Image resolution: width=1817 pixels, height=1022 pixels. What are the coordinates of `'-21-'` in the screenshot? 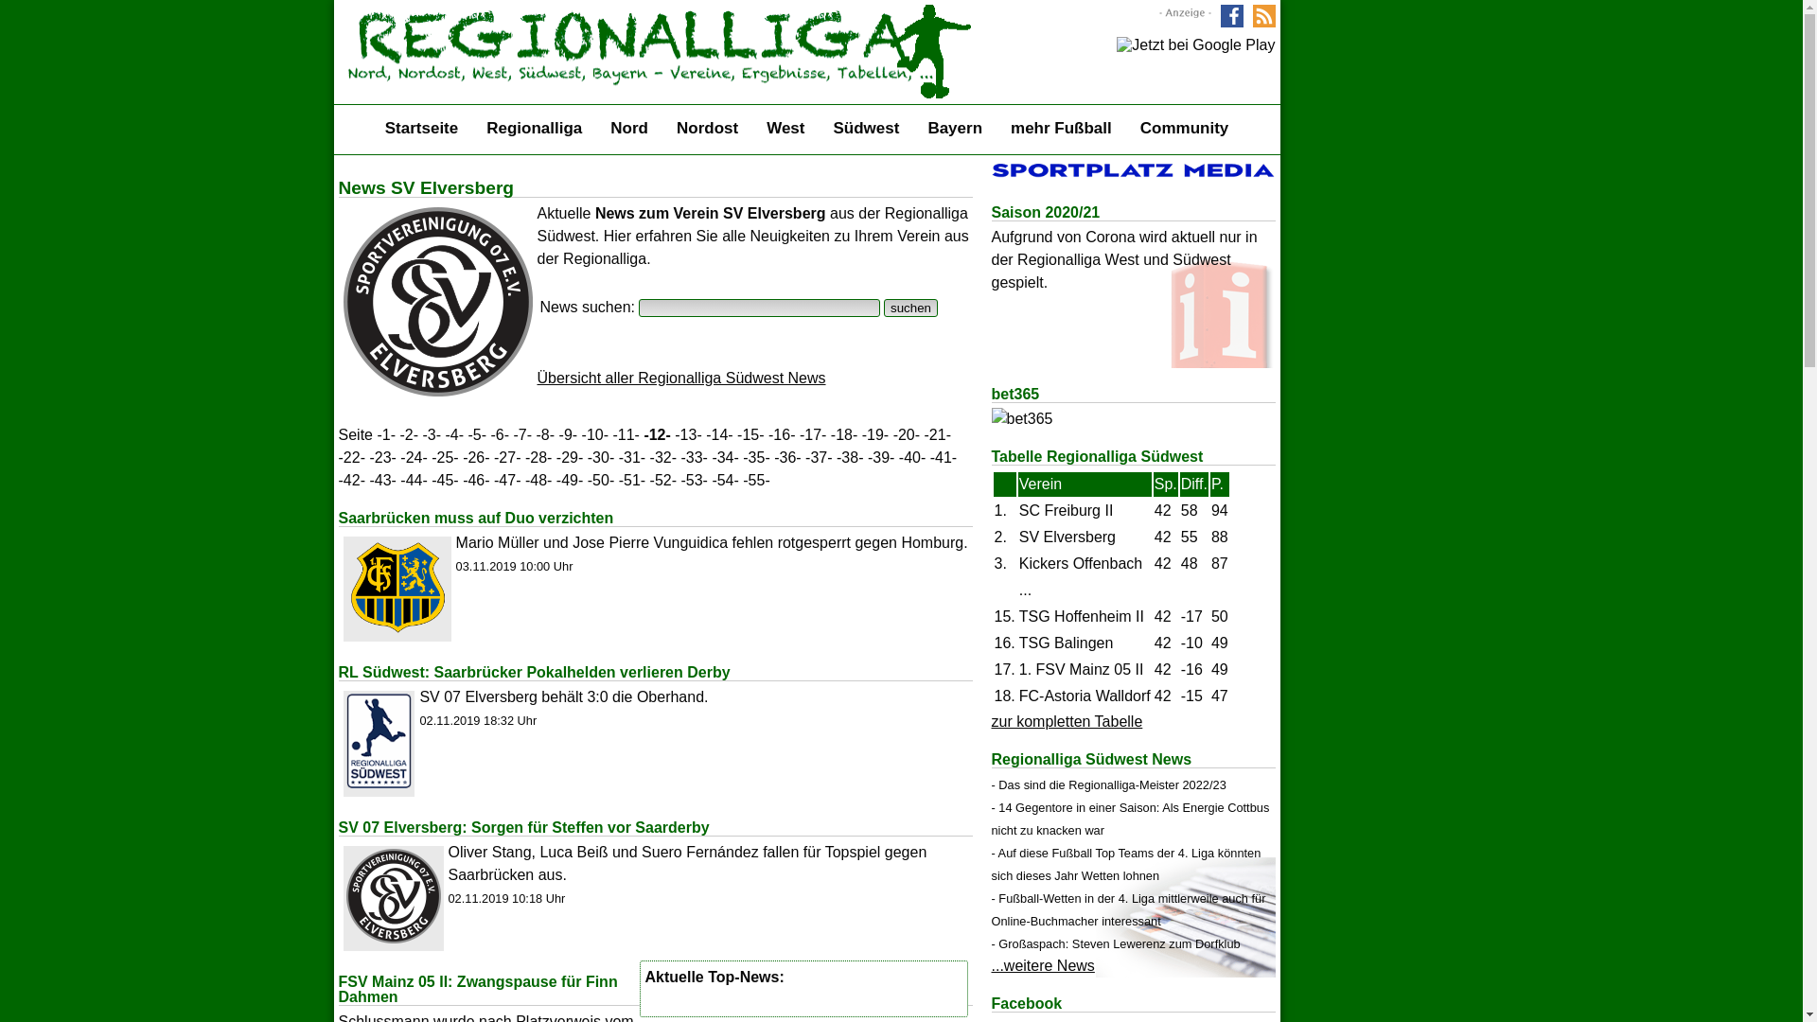 It's located at (937, 434).